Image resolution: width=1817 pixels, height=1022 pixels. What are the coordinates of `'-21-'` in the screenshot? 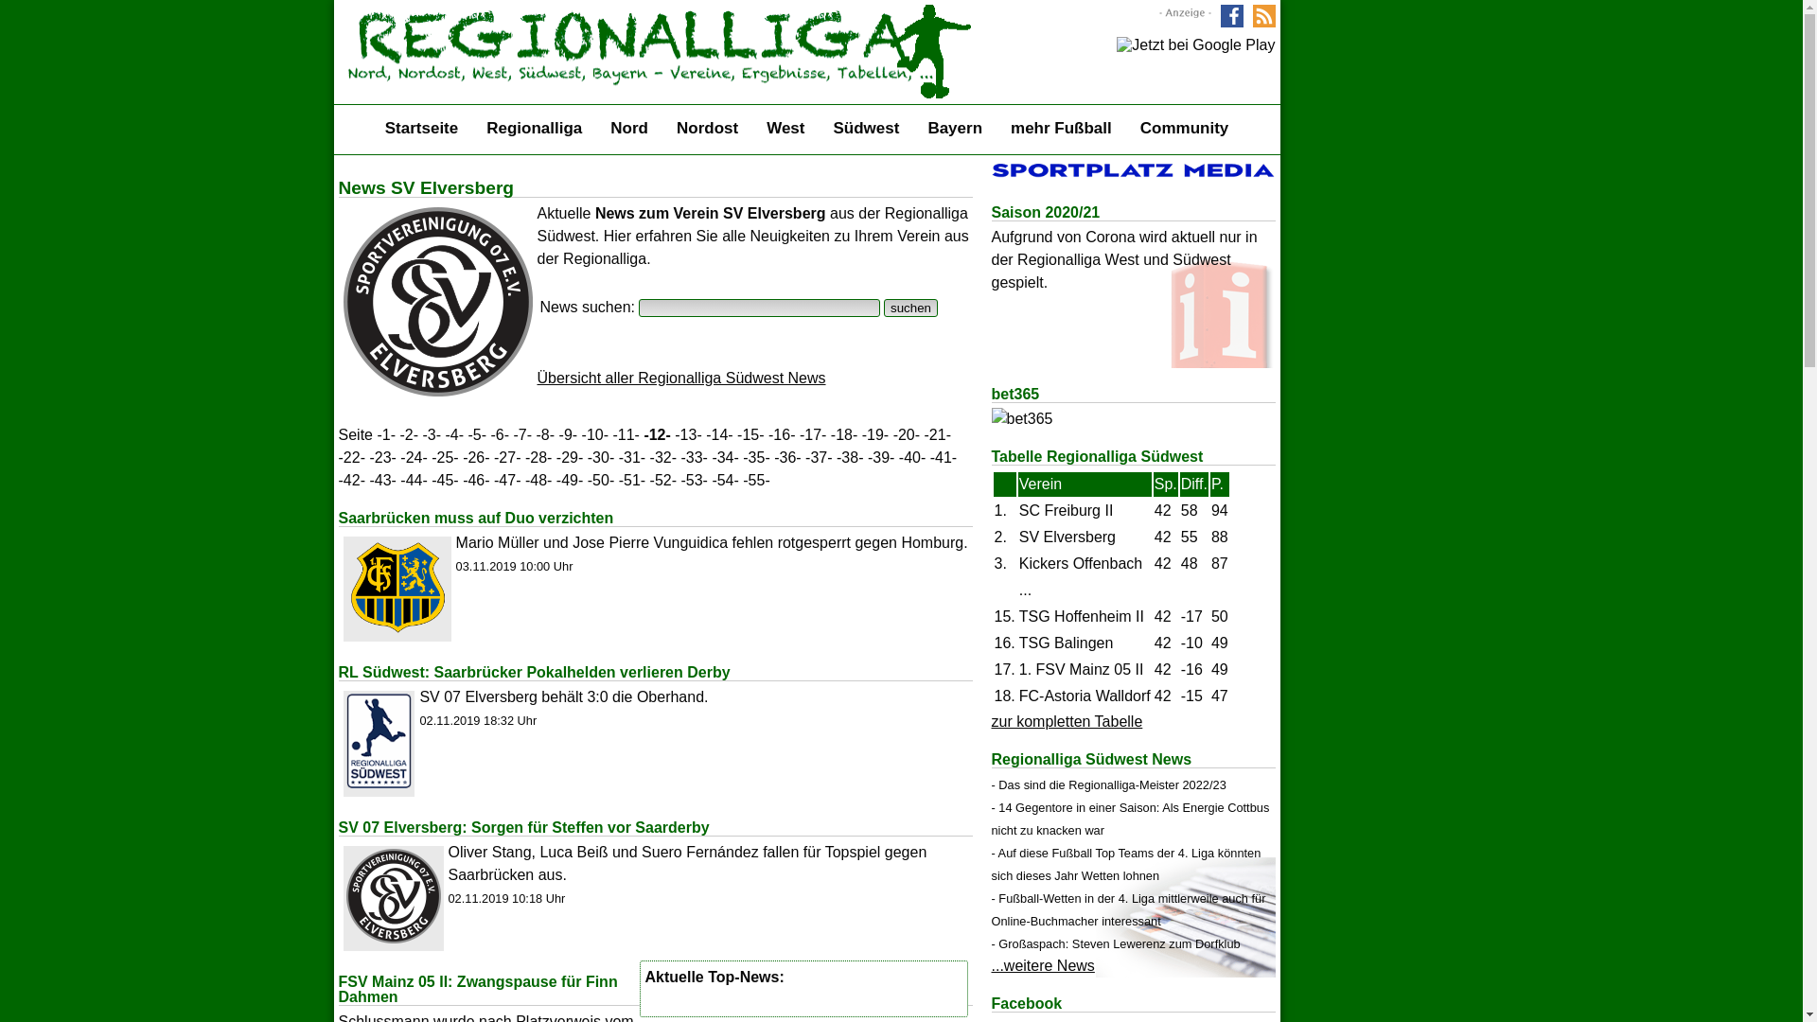 It's located at (937, 434).